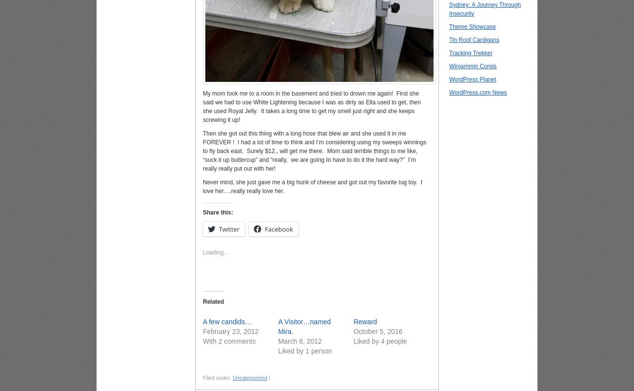 Image resolution: width=634 pixels, height=391 pixels. What do you see at coordinates (268, 377) in the screenshot?
I see `'|'` at bounding box center [268, 377].